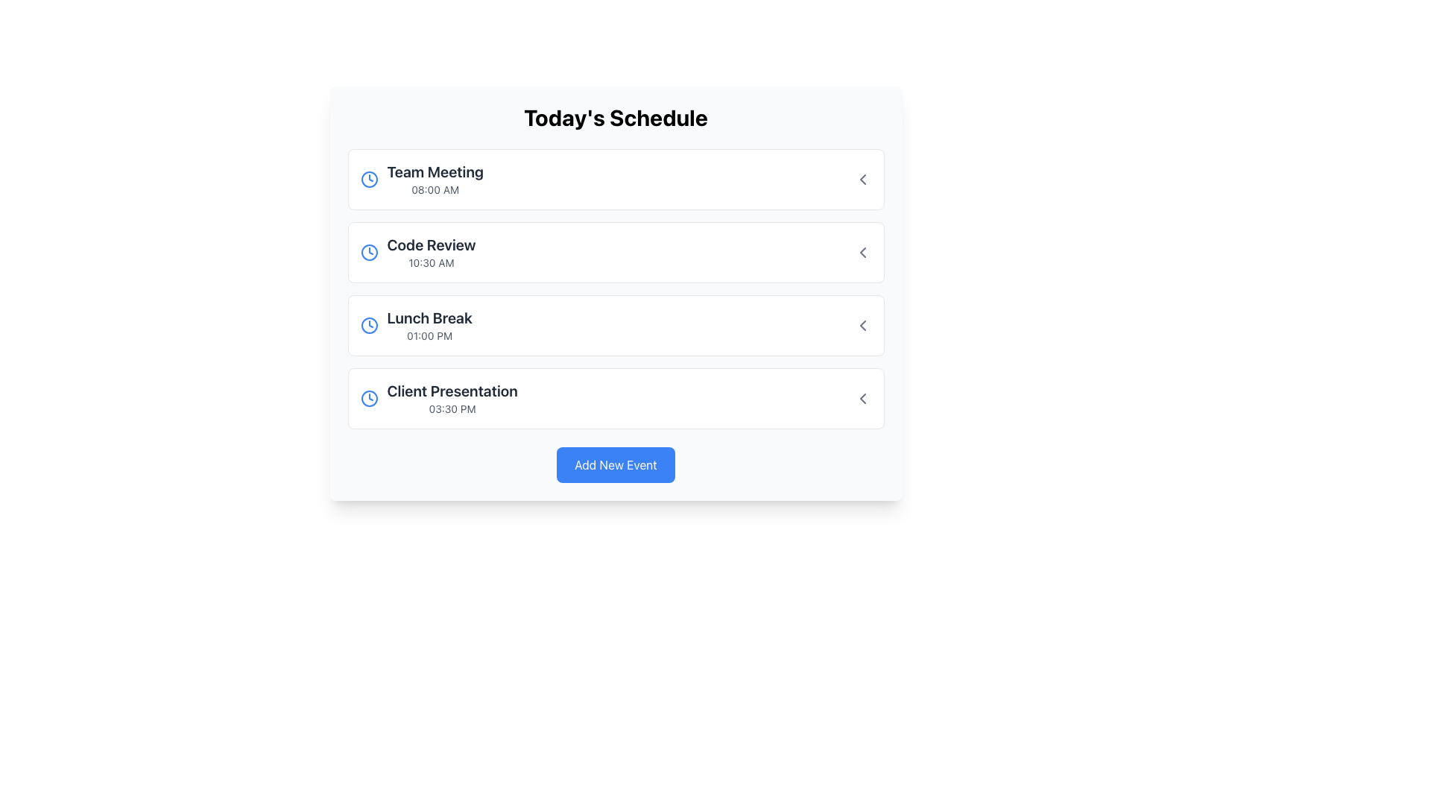  Describe the element at coordinates (616, 117) in the screenshot. I see `text displayed in the bold header that says 'Today's Schedule', which is centrally aligned at the top of the schedule card` at that location.